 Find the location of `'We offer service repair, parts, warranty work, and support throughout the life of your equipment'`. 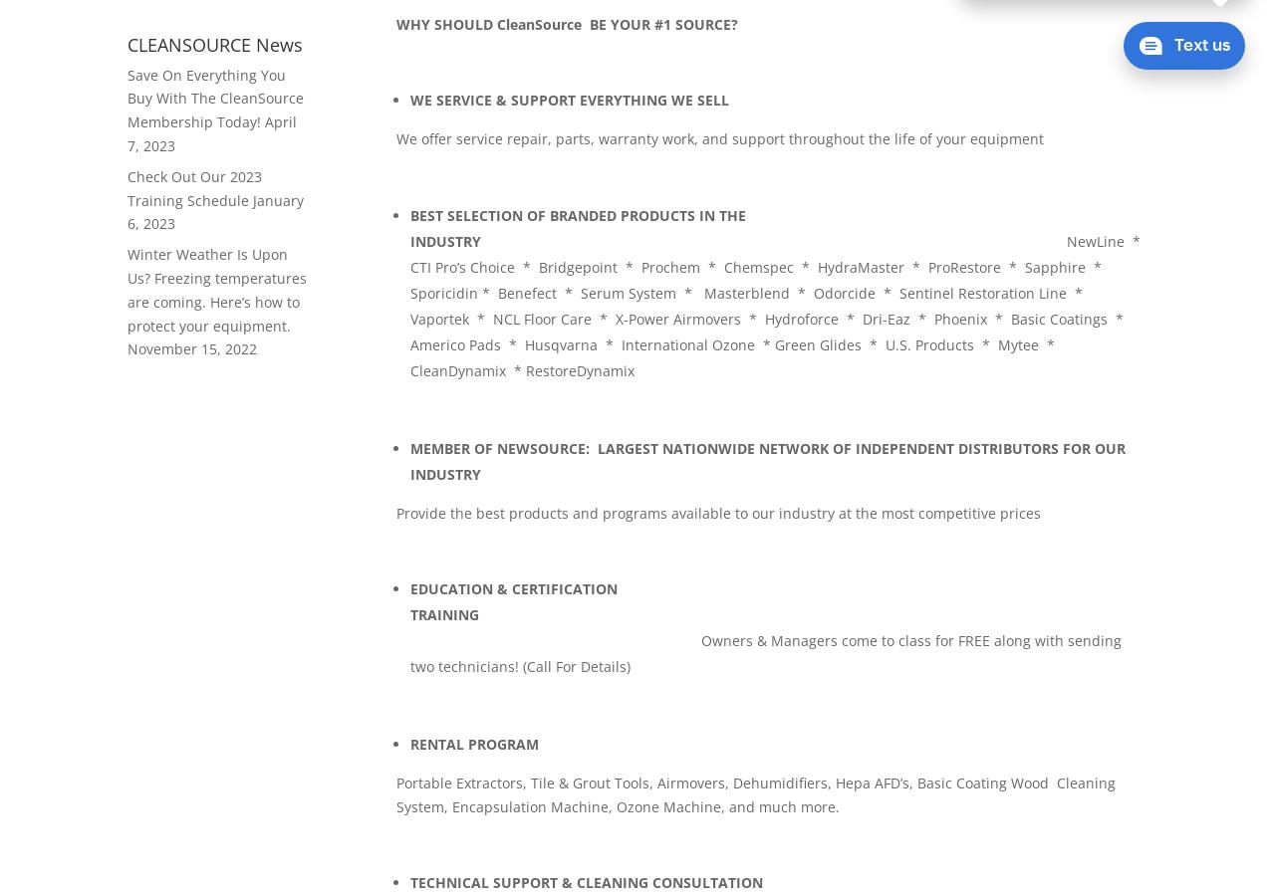

'We offer service repair, parts, warranty work, and support throughout the life of your equipment' is located at coordinates (718, 138).